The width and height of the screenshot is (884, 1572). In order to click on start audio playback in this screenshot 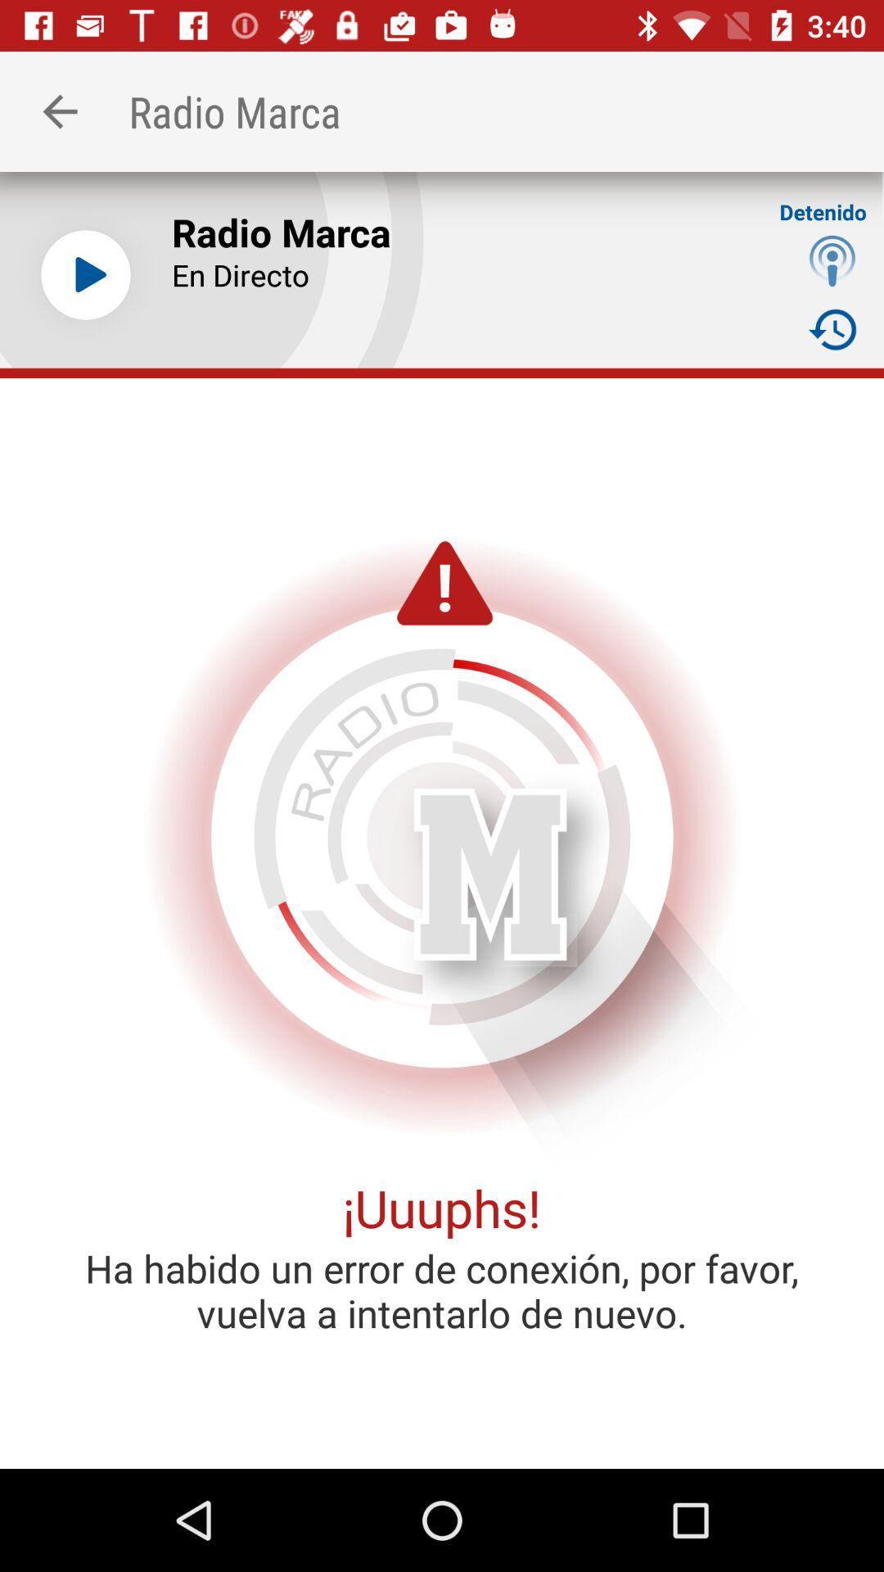, I will do `click(85, 275)`.